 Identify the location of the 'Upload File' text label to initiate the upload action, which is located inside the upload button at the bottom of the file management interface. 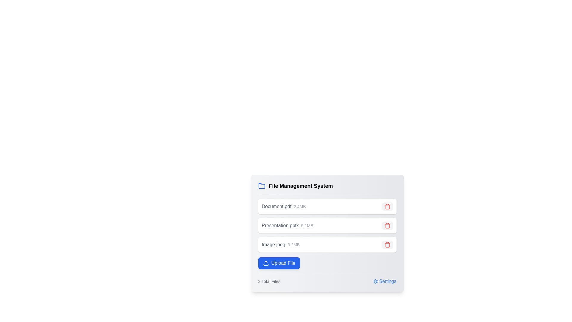
(283, 263).